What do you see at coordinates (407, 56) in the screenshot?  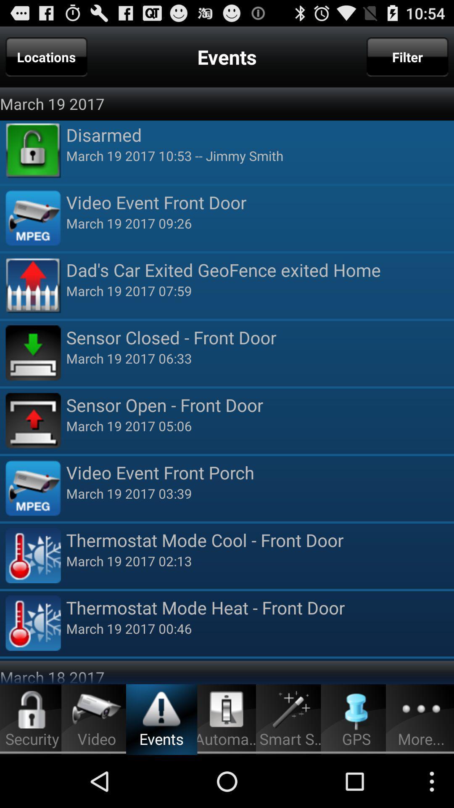 I see `the item at the top right corner` at bounding box center [407, 56].